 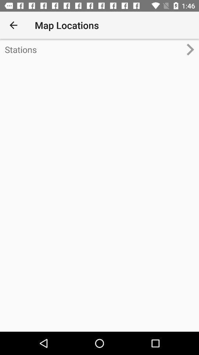 I want to click on item at the top right corner, so click(x=193, y=49).